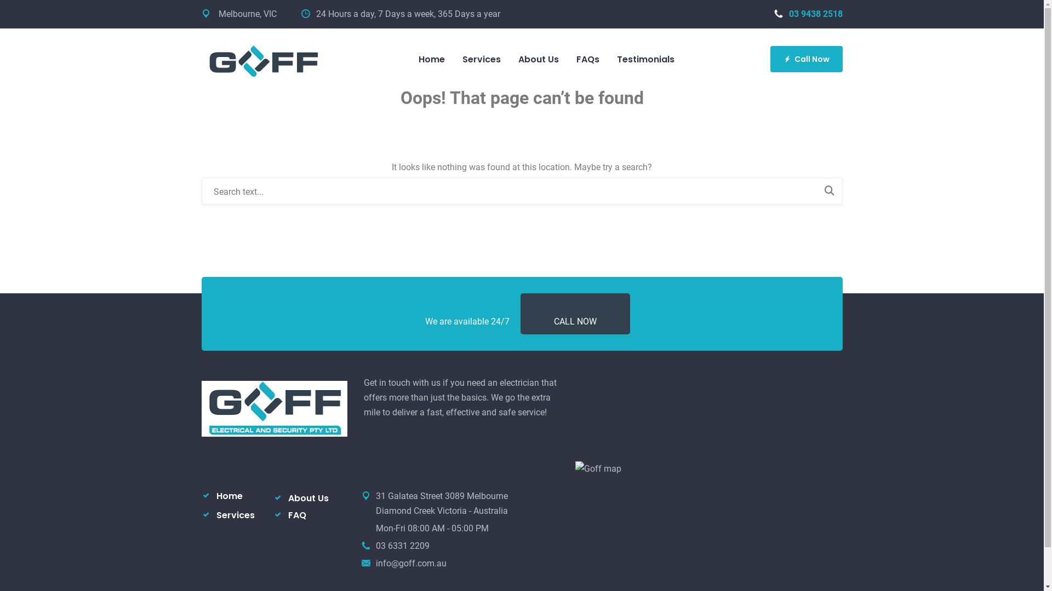 The width and height of the screenshot is (1052, 591). Describe the element at coordinates (402, 546) in the screenshot. I see `'03 6331 2209'` at that location.